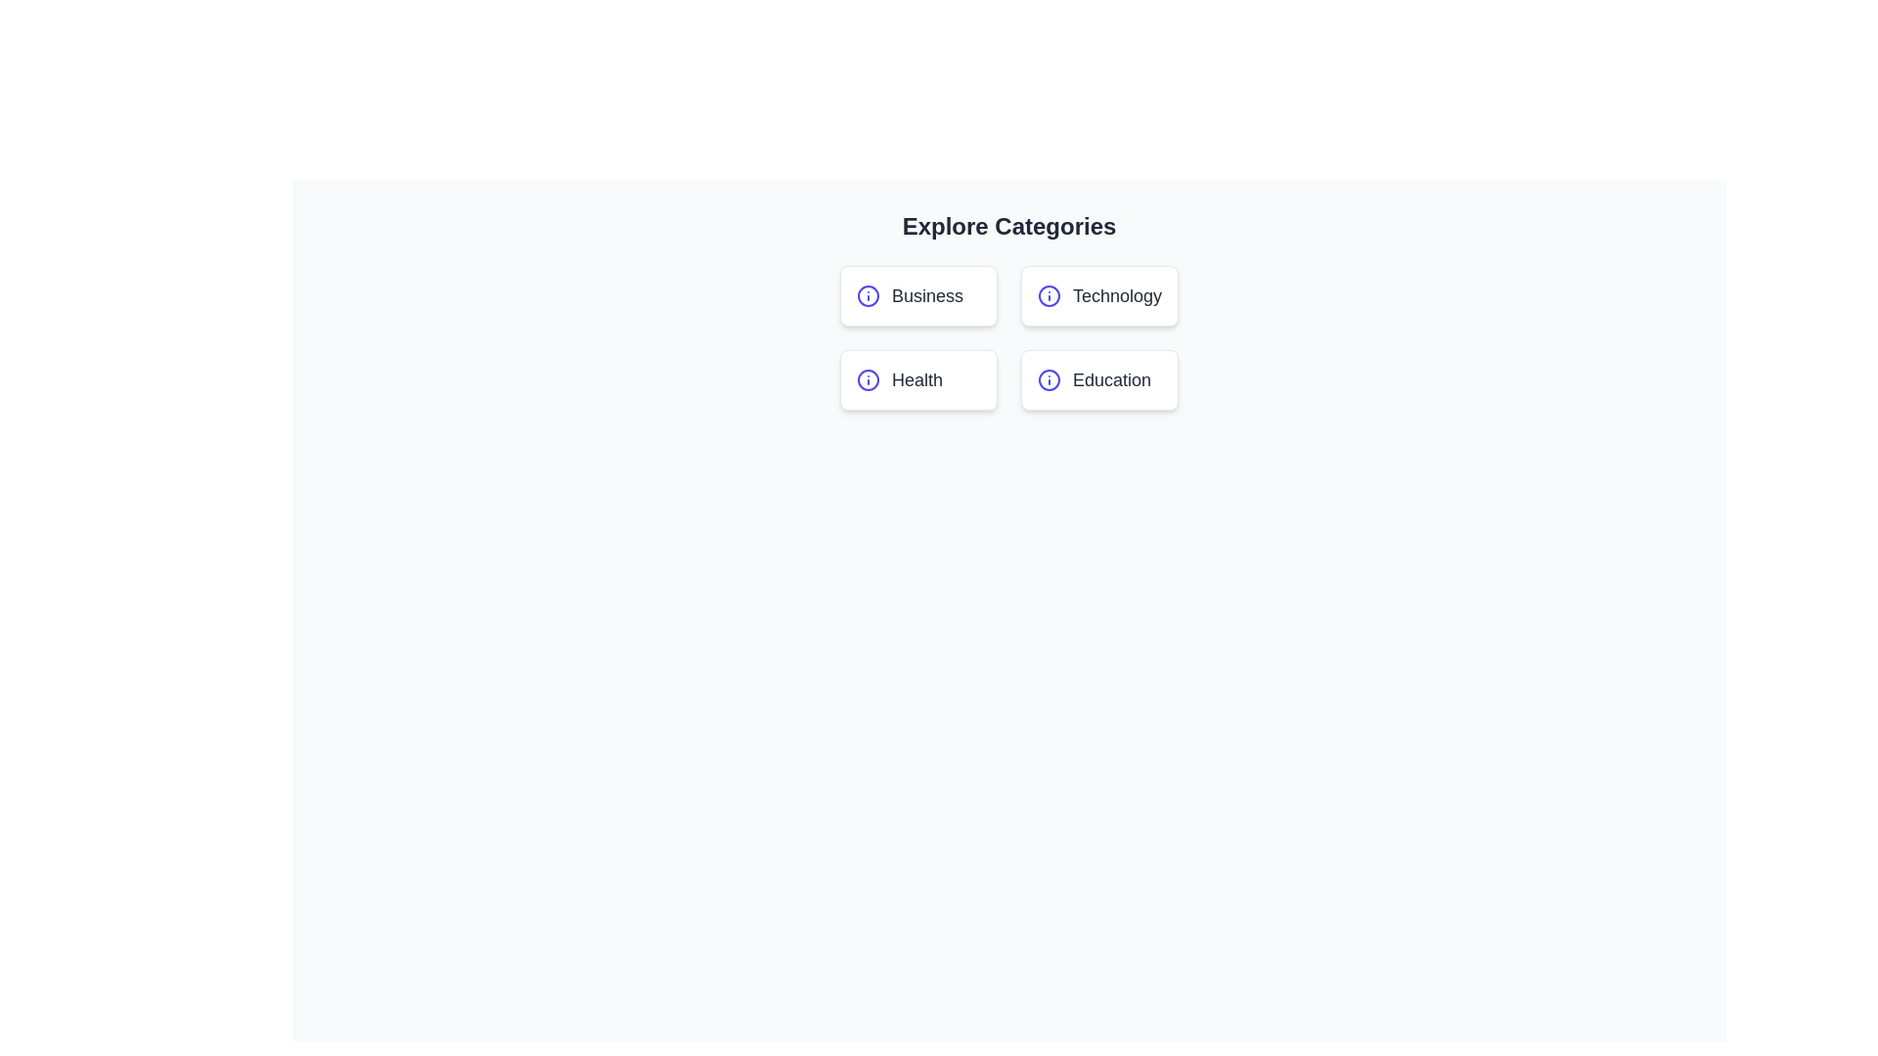  What do you see at coordinates (1112, 380) in the screenshot?
I see `the 'Education' category label, which is a non-interactive text label positioned in the lower right card of a 2 by 2 grid layout under 'Explore Categories'` at bounding box center [1112, 380].